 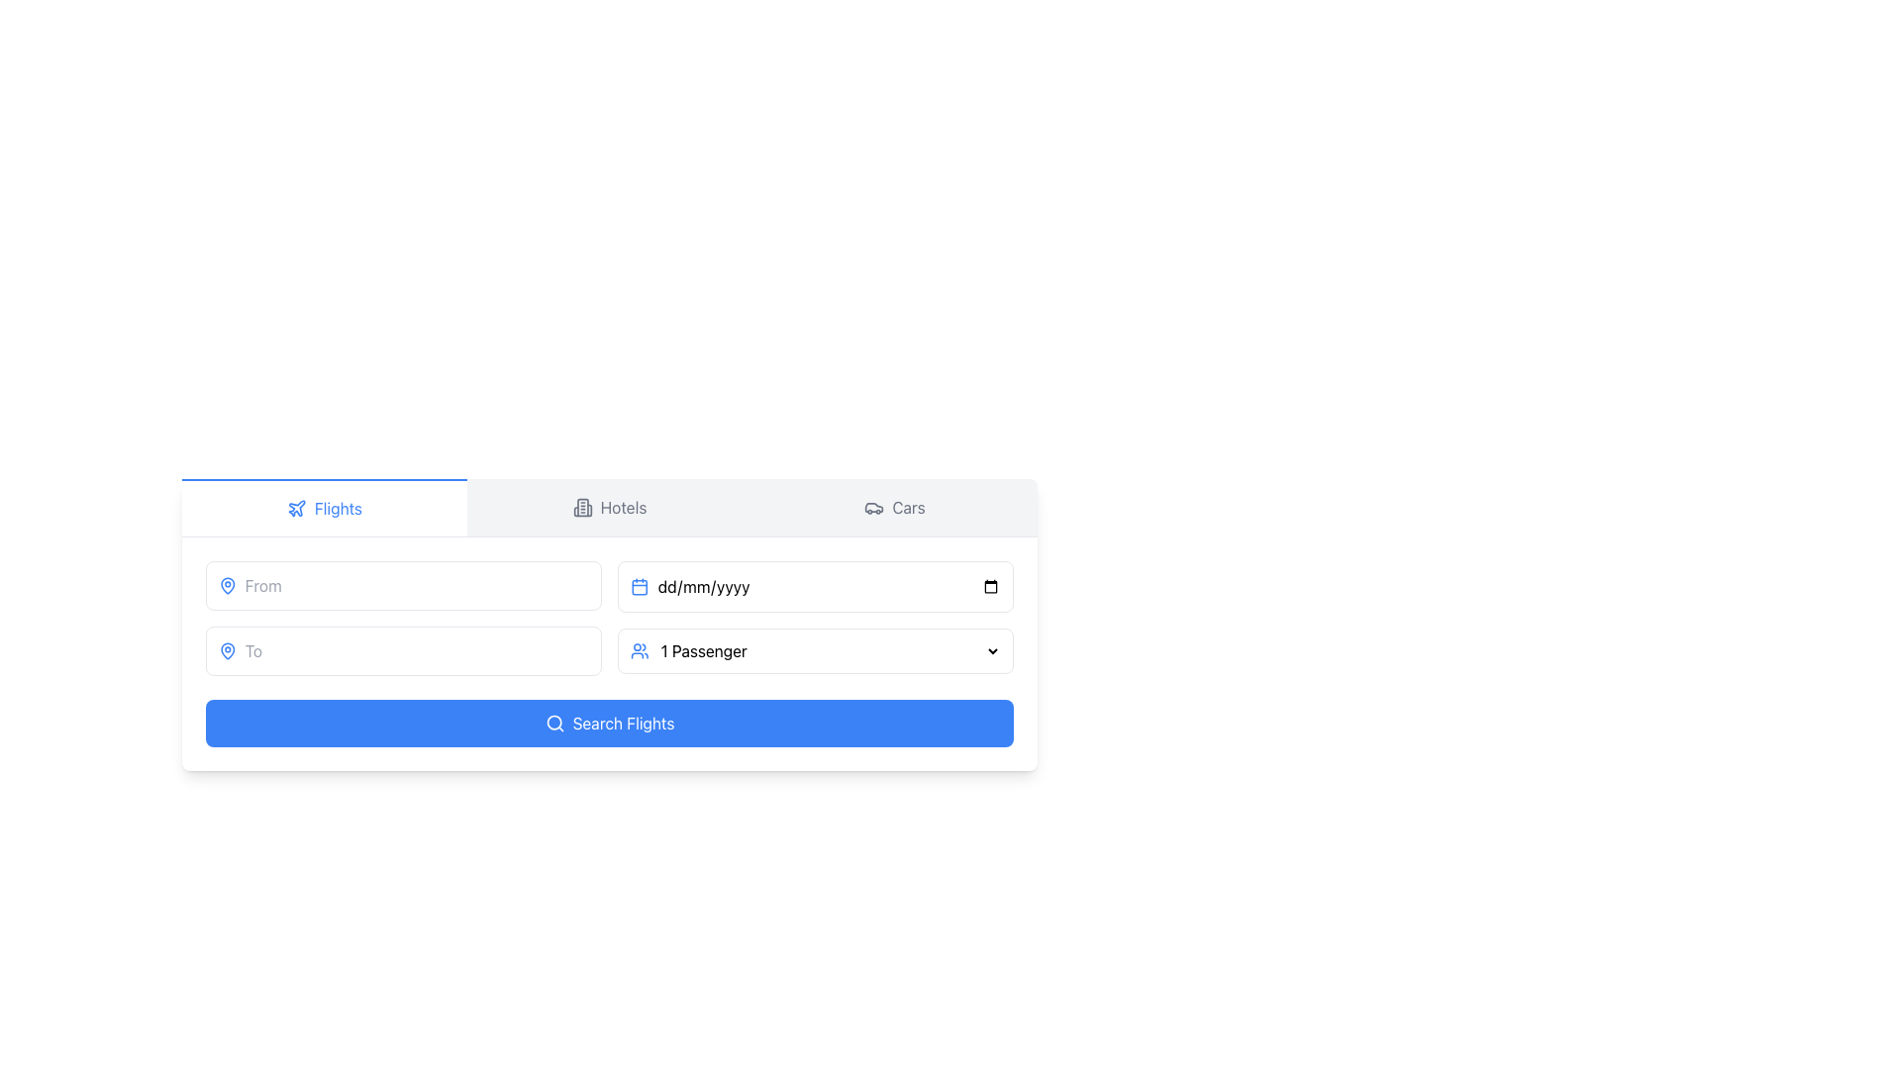 I want to click on the map pin icon with a blue outline, located next to the 'From' text field in the first row of options, so click(x=228, y=584).